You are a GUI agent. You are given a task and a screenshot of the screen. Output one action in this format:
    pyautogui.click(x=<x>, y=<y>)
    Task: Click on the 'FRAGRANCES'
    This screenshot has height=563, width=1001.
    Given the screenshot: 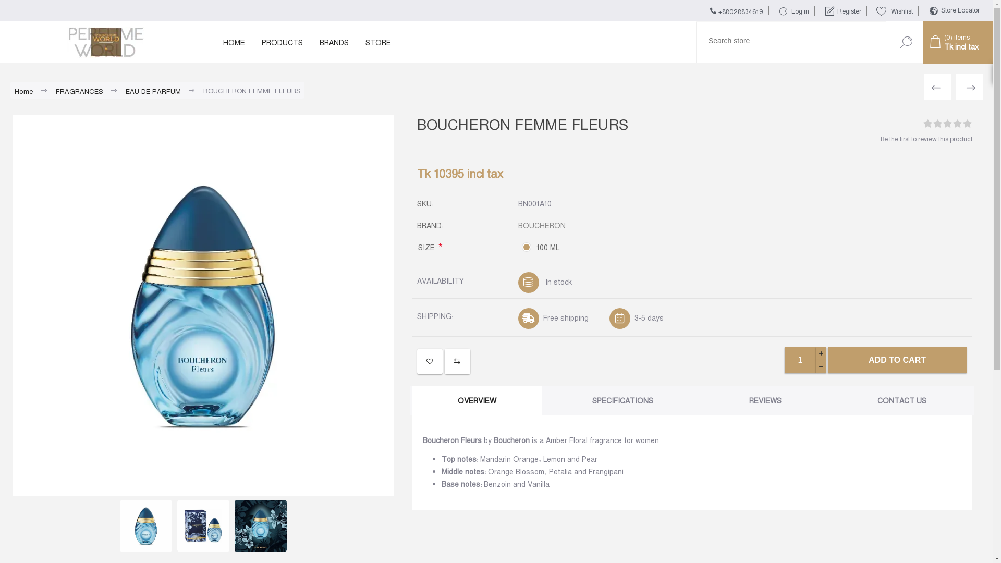 What is the action you would take?
    pyautogui.click(x=78, y=90)
    